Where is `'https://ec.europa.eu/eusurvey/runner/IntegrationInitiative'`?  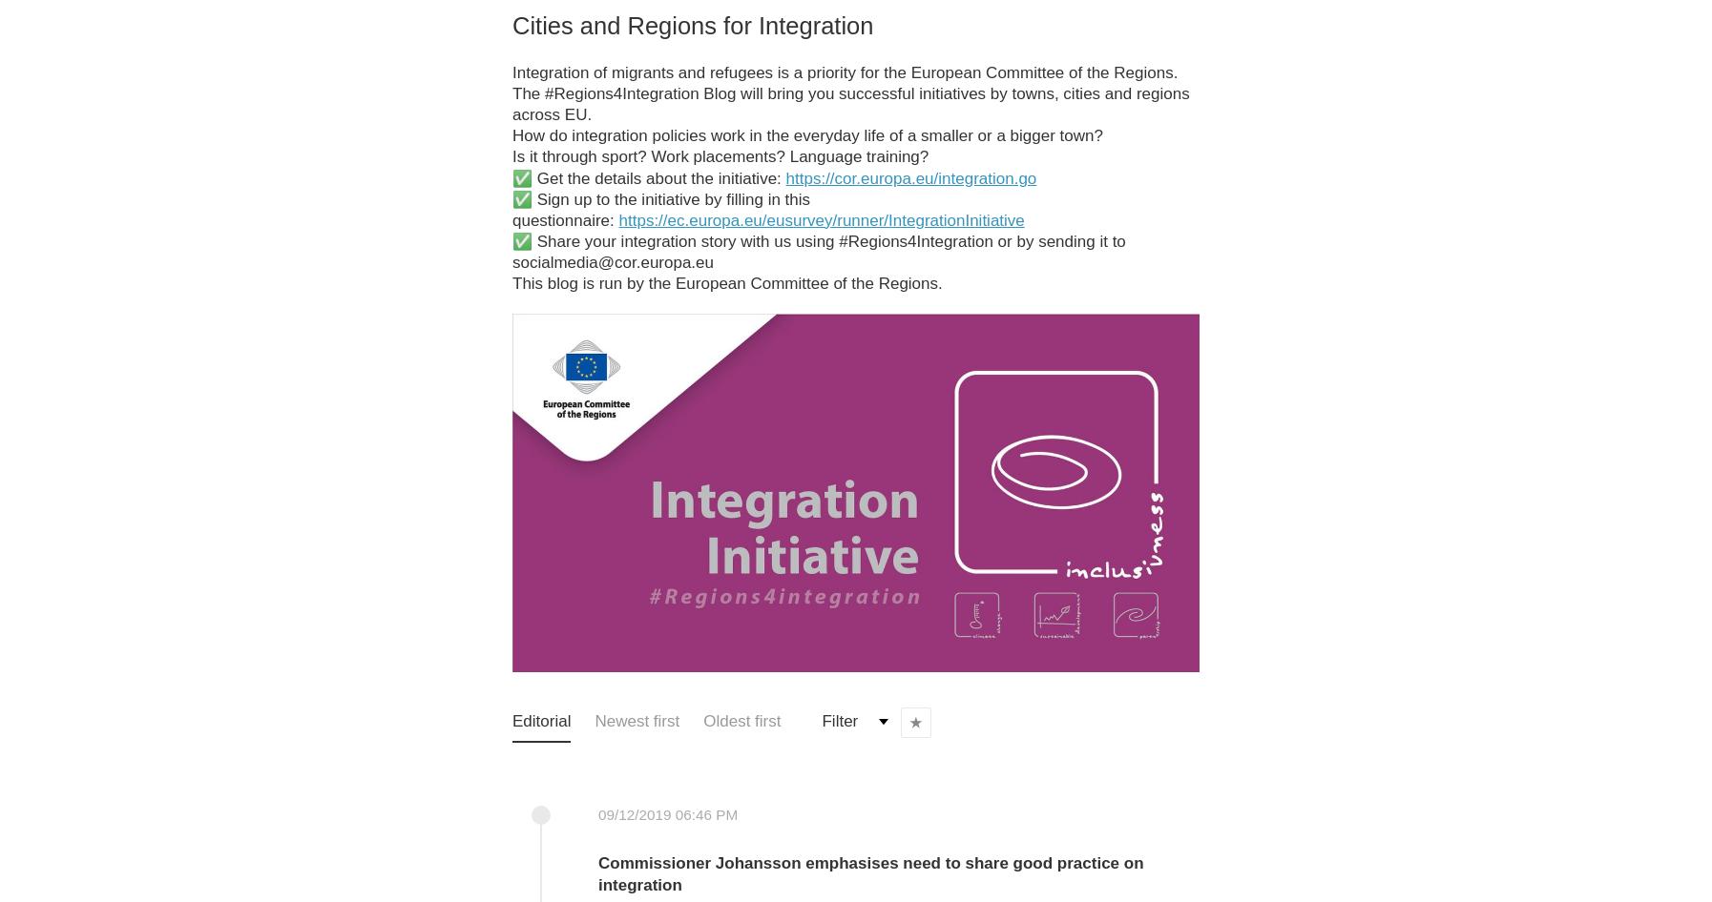 'https://ec.europa.eu/eusurvey/runner/IntegrationInitiative' is located at coordinates (821, 219).